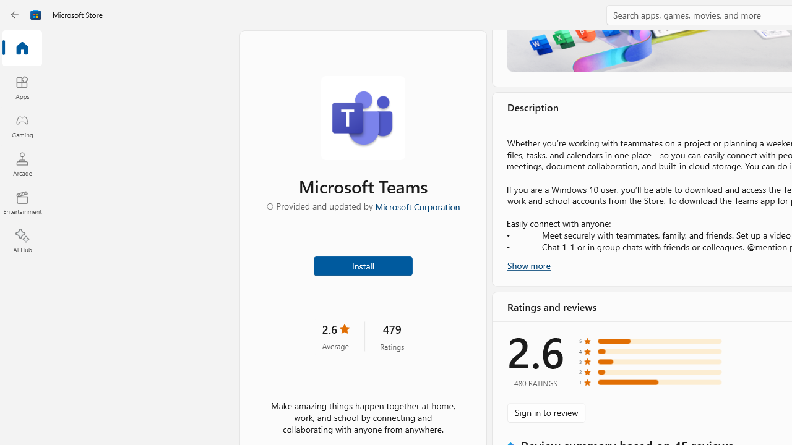 The width and height of the screenshot is (792, 445). What do you see at coordinates (416, 205) in the screenshot?
I see `'Microsoft Corporation'` at bounding box center [416, 205].